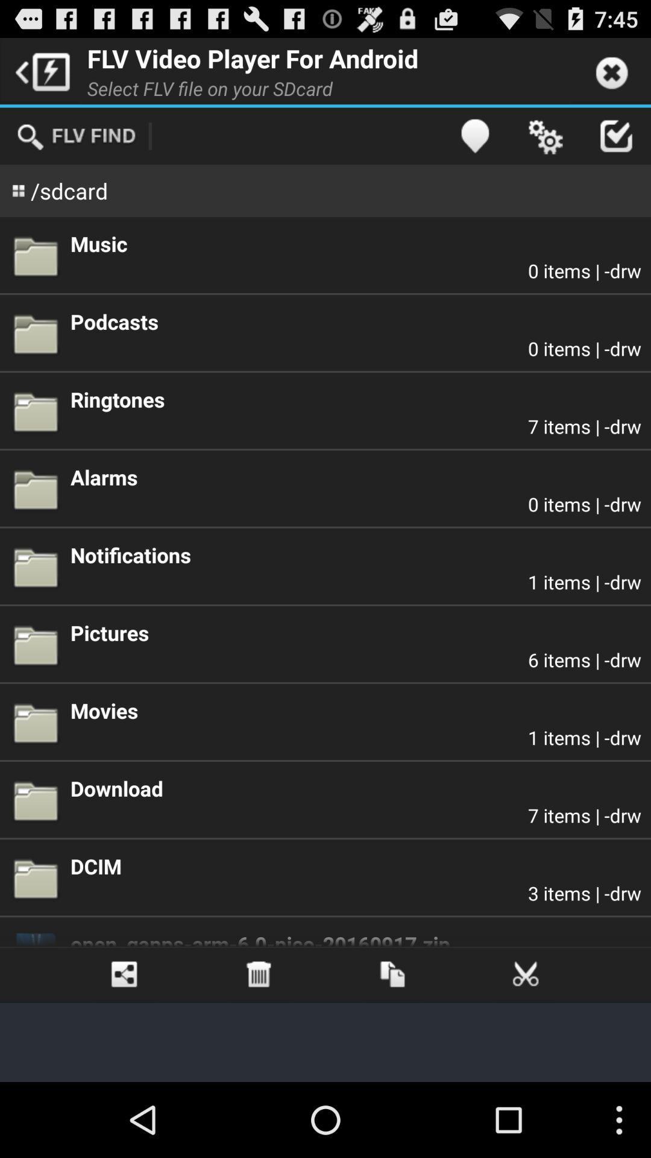 This screenshot has height=1158, width=651. I want to click on the settings icon, so click(545, 145).